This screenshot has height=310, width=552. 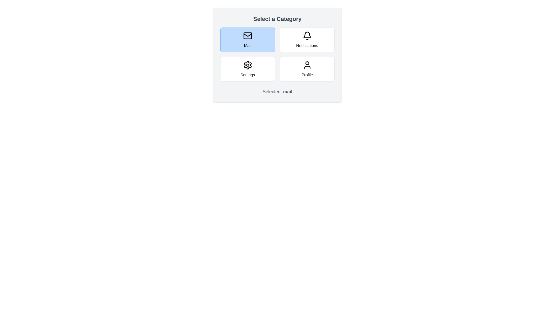 I want to click on the category button corresponding to Profile, so click(x=307, y=69).